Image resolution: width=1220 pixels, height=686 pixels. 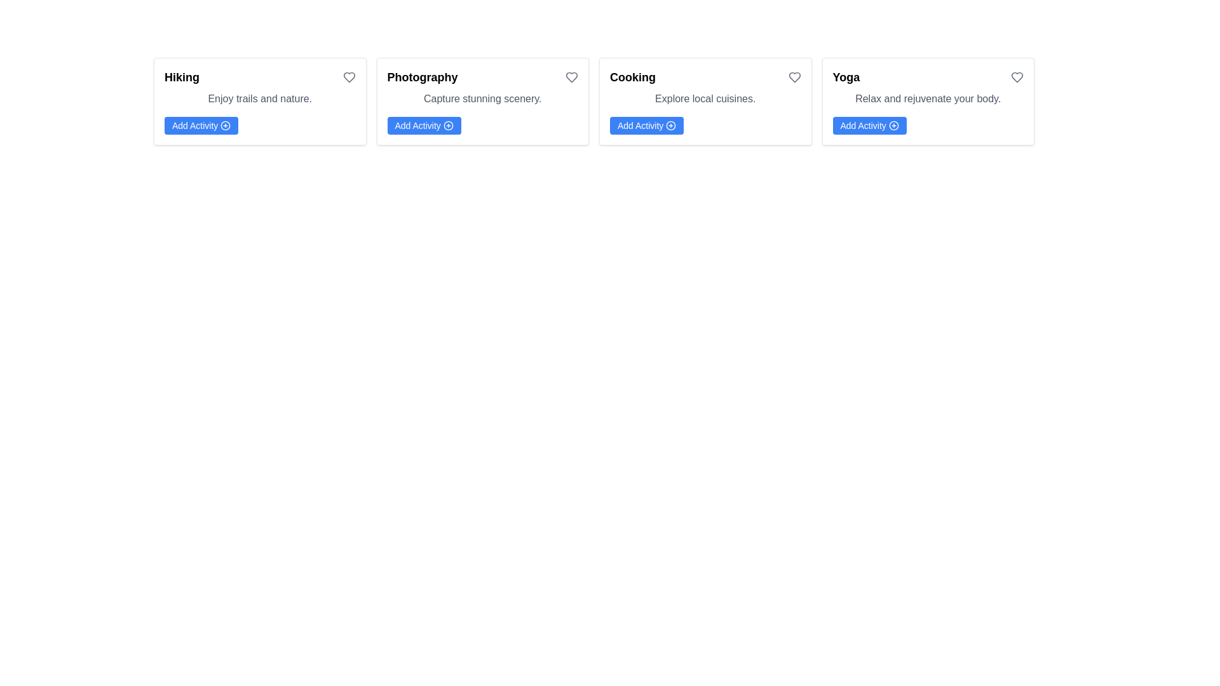 I want to click on the heart-shaped favorite button located to the right of the 'Hiking' text to favorite or like the associated activity, so click(x=349, y=77).